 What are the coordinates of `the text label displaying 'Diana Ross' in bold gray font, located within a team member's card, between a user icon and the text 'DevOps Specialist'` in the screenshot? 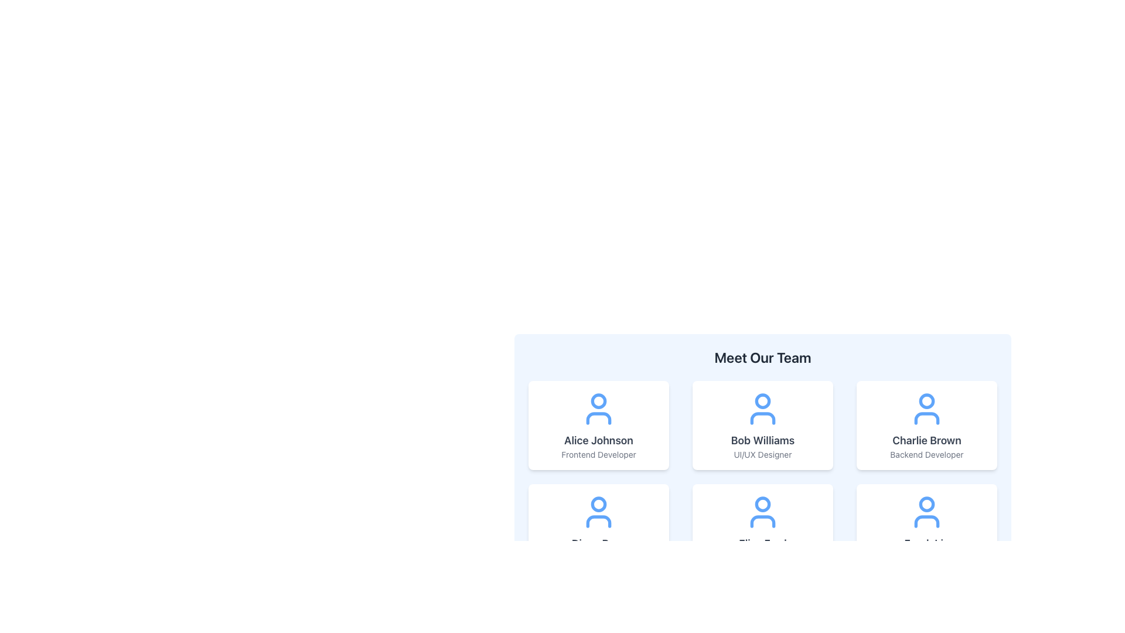 It's located at (599, 544).